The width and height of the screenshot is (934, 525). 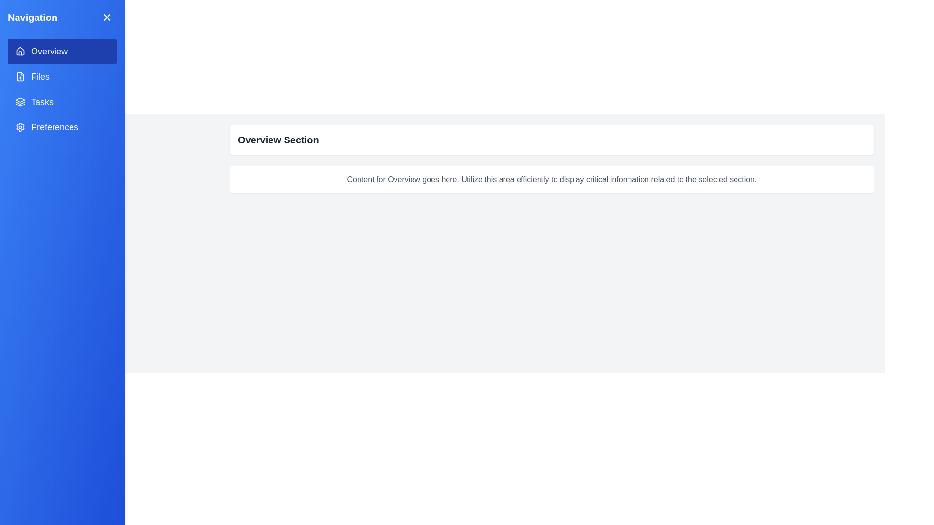 I want to click on the menu item corresponding to Files in the navigation menu, so click(x=62, y=76).